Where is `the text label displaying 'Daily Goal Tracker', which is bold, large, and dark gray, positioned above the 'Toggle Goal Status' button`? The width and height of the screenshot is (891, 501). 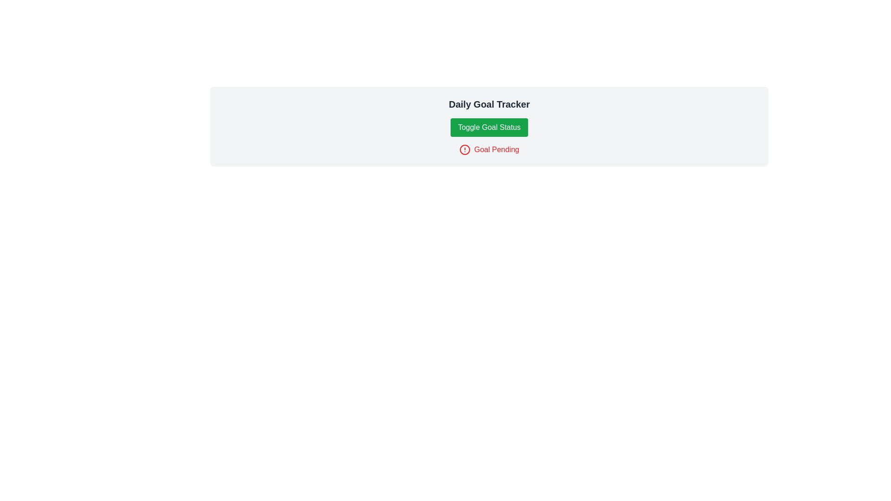
the text label displaying 'Daily Goal Tracker', which is bold, large, and dark gray, positioned above the 'Toggle Goal Status' button is located at coordinates (489, 104).